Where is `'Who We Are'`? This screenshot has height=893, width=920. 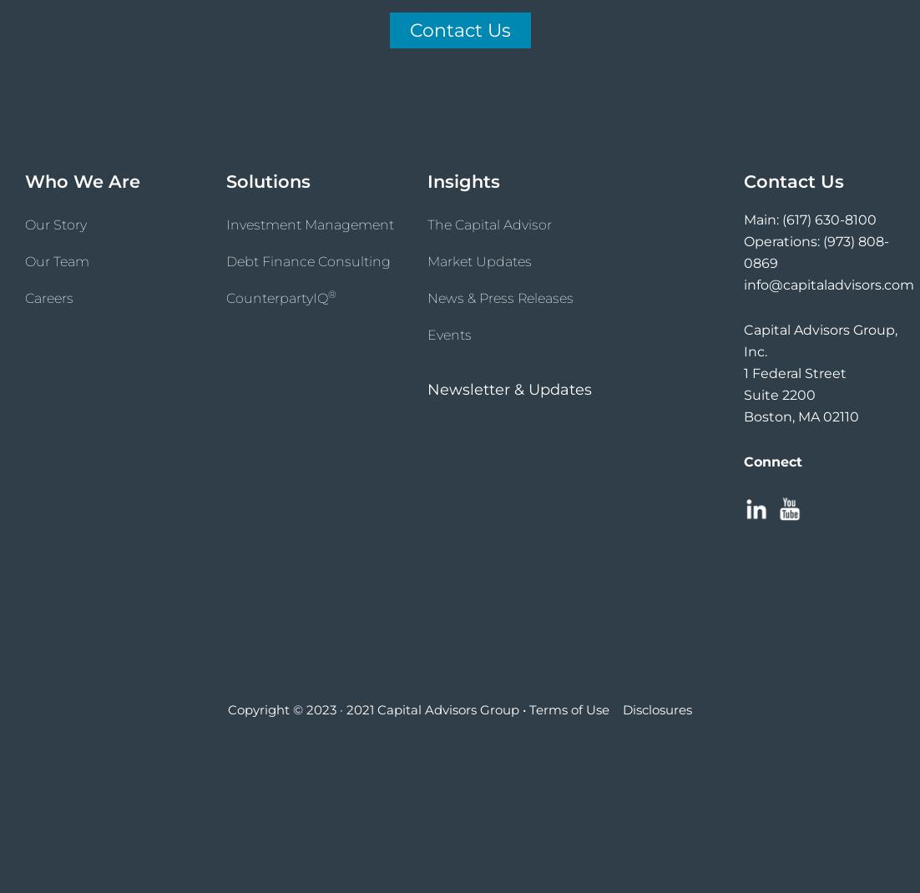 'Who We Are' is located at coordinates (82, 180).